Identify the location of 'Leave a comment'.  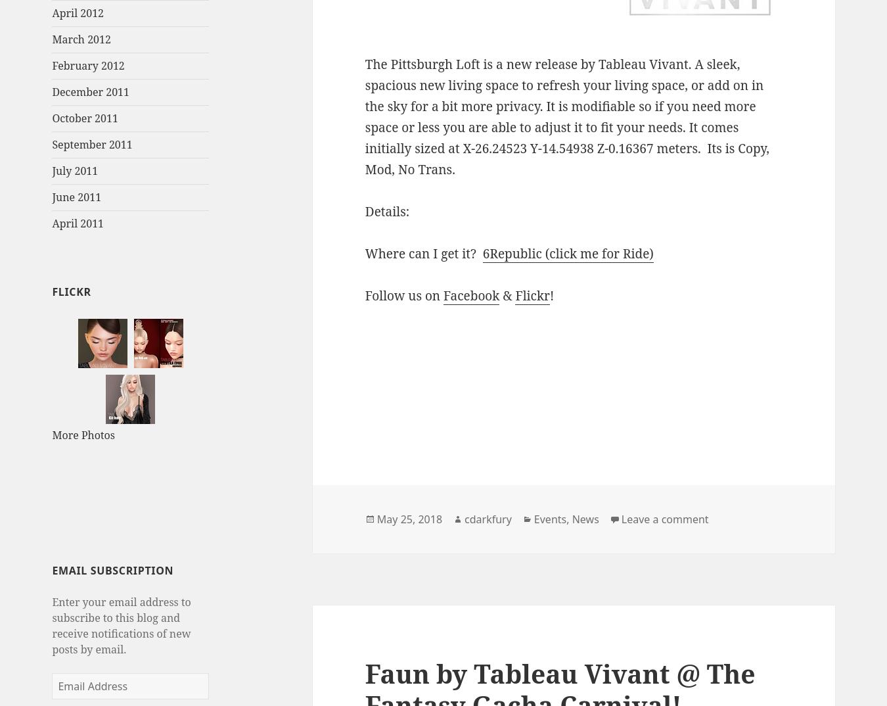
(664, 519).